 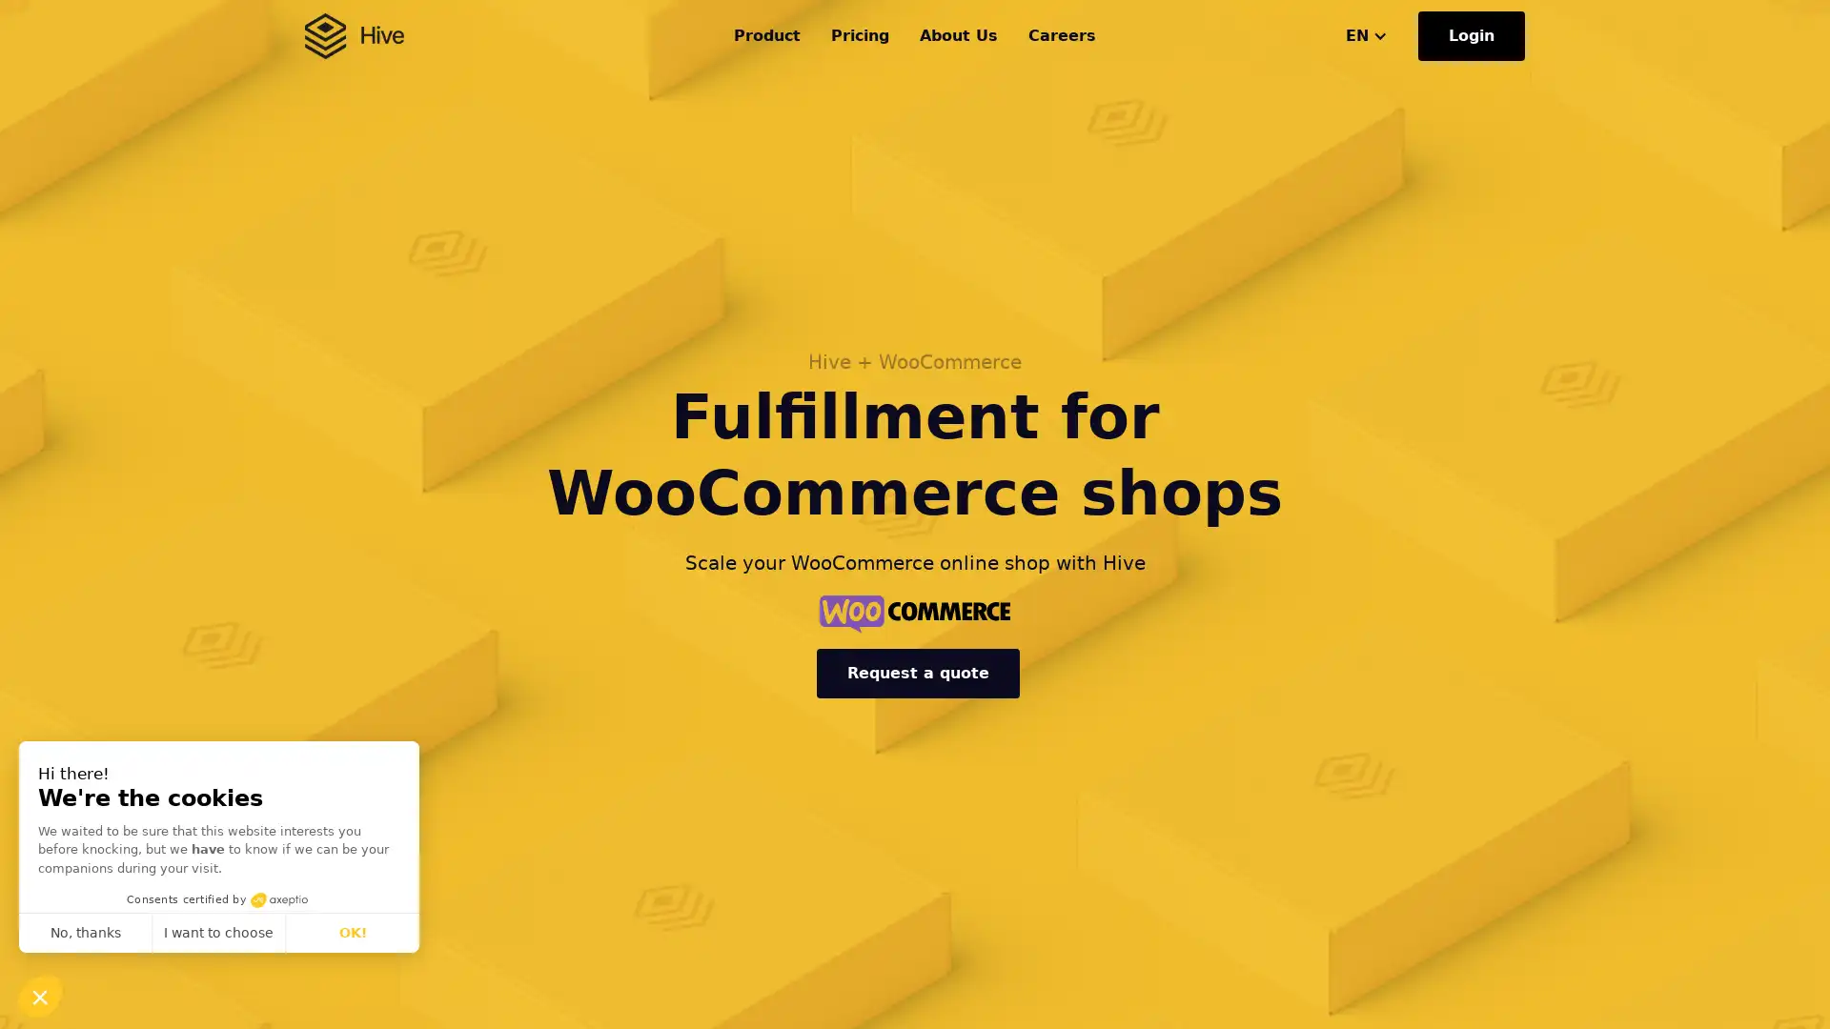 I want to click on I want to choose, so click(x=219, y=932).